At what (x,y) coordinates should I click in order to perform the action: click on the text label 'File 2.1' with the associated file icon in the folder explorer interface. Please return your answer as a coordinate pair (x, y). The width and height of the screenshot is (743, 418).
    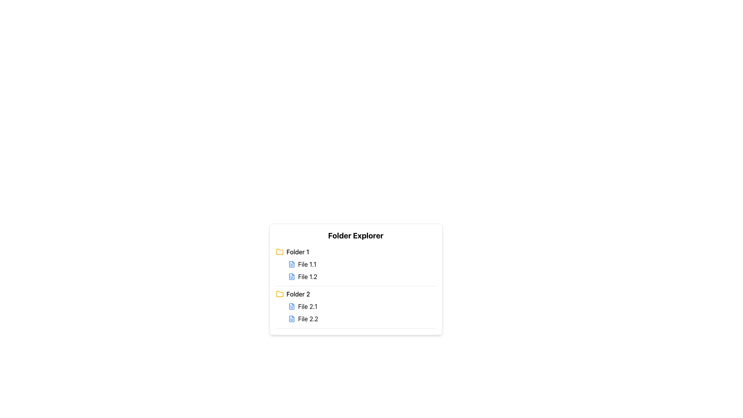
    Looking at the image, I should click on (307, 306).